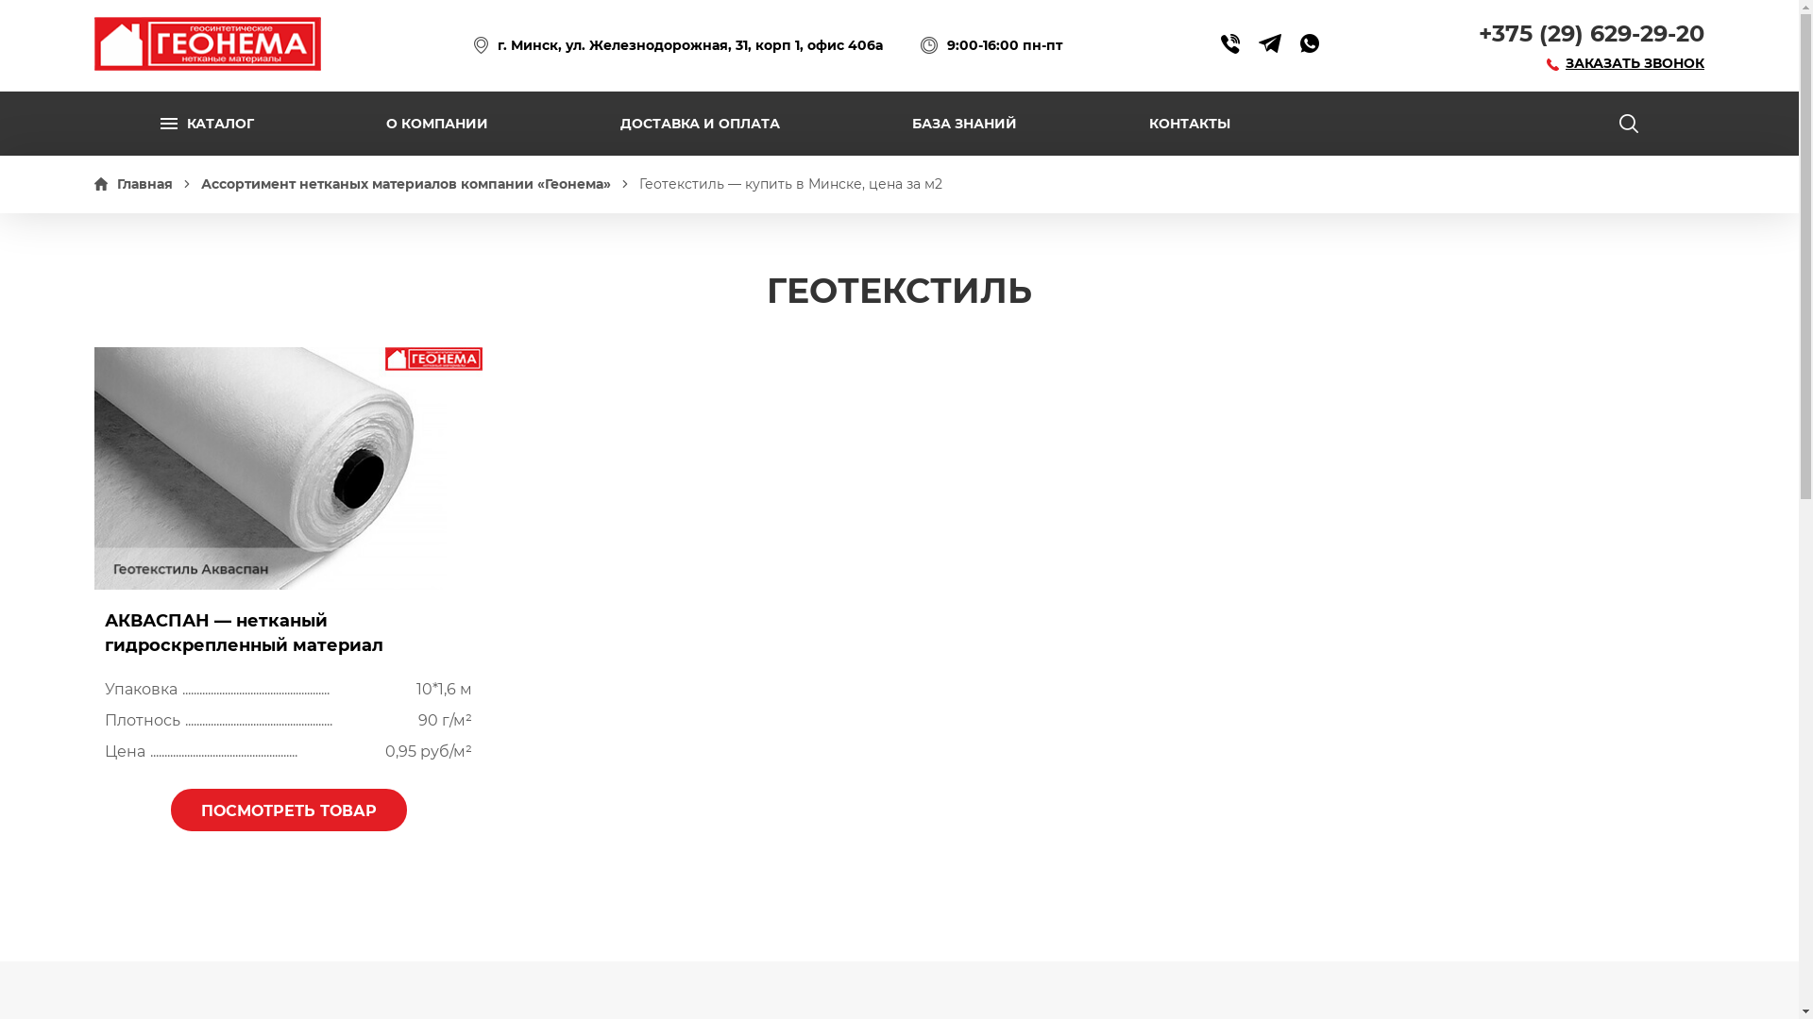  What do you see at coordinates (1590, 33) in the screenshot?
I see `'+375 (29) 629-29-20'` at bounding box center [1590, 33].